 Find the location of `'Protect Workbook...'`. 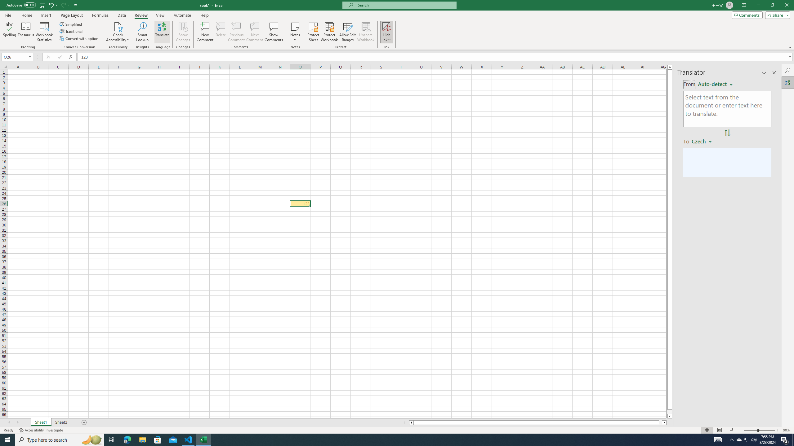

'Protect Workbook...' is located at coordinates (329, 32).